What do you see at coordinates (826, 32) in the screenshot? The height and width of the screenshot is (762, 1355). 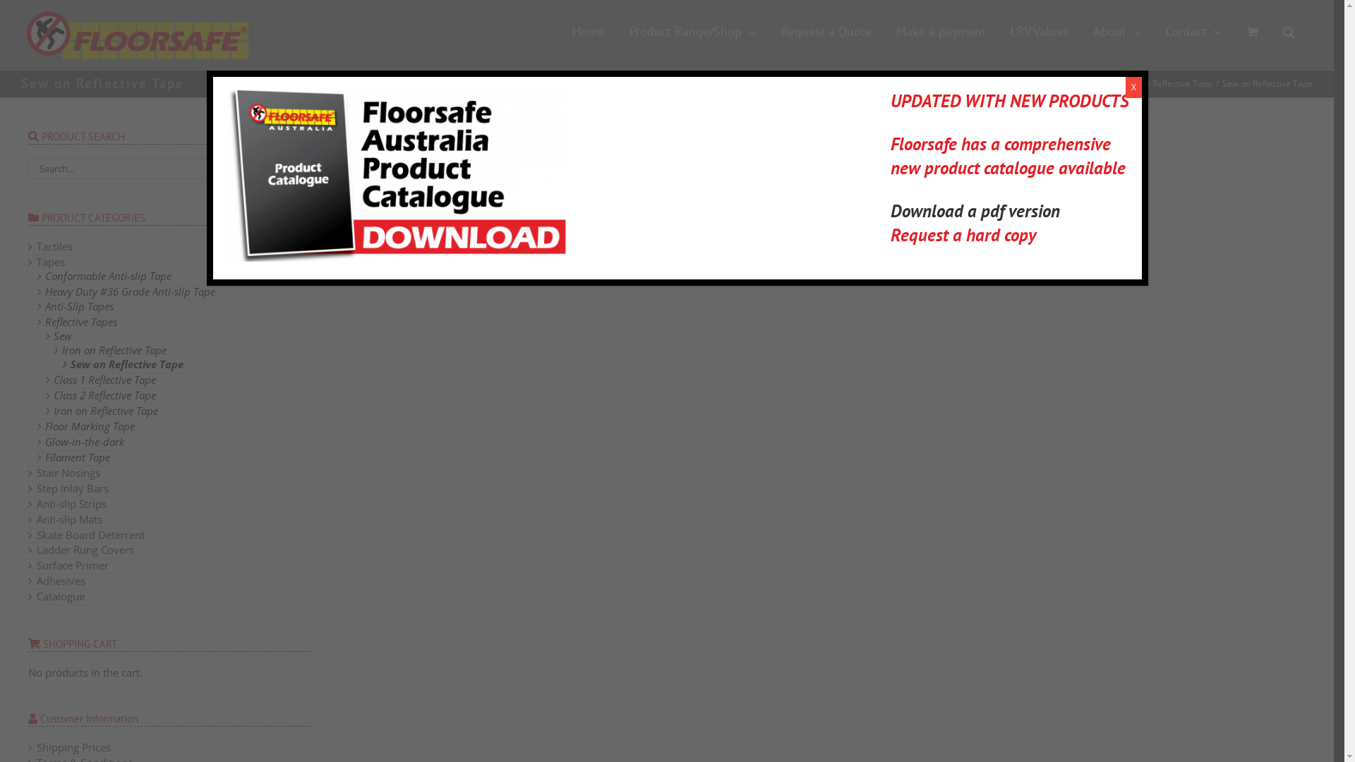 I see `'Request a Quote'` at bounding box center [826, 32].